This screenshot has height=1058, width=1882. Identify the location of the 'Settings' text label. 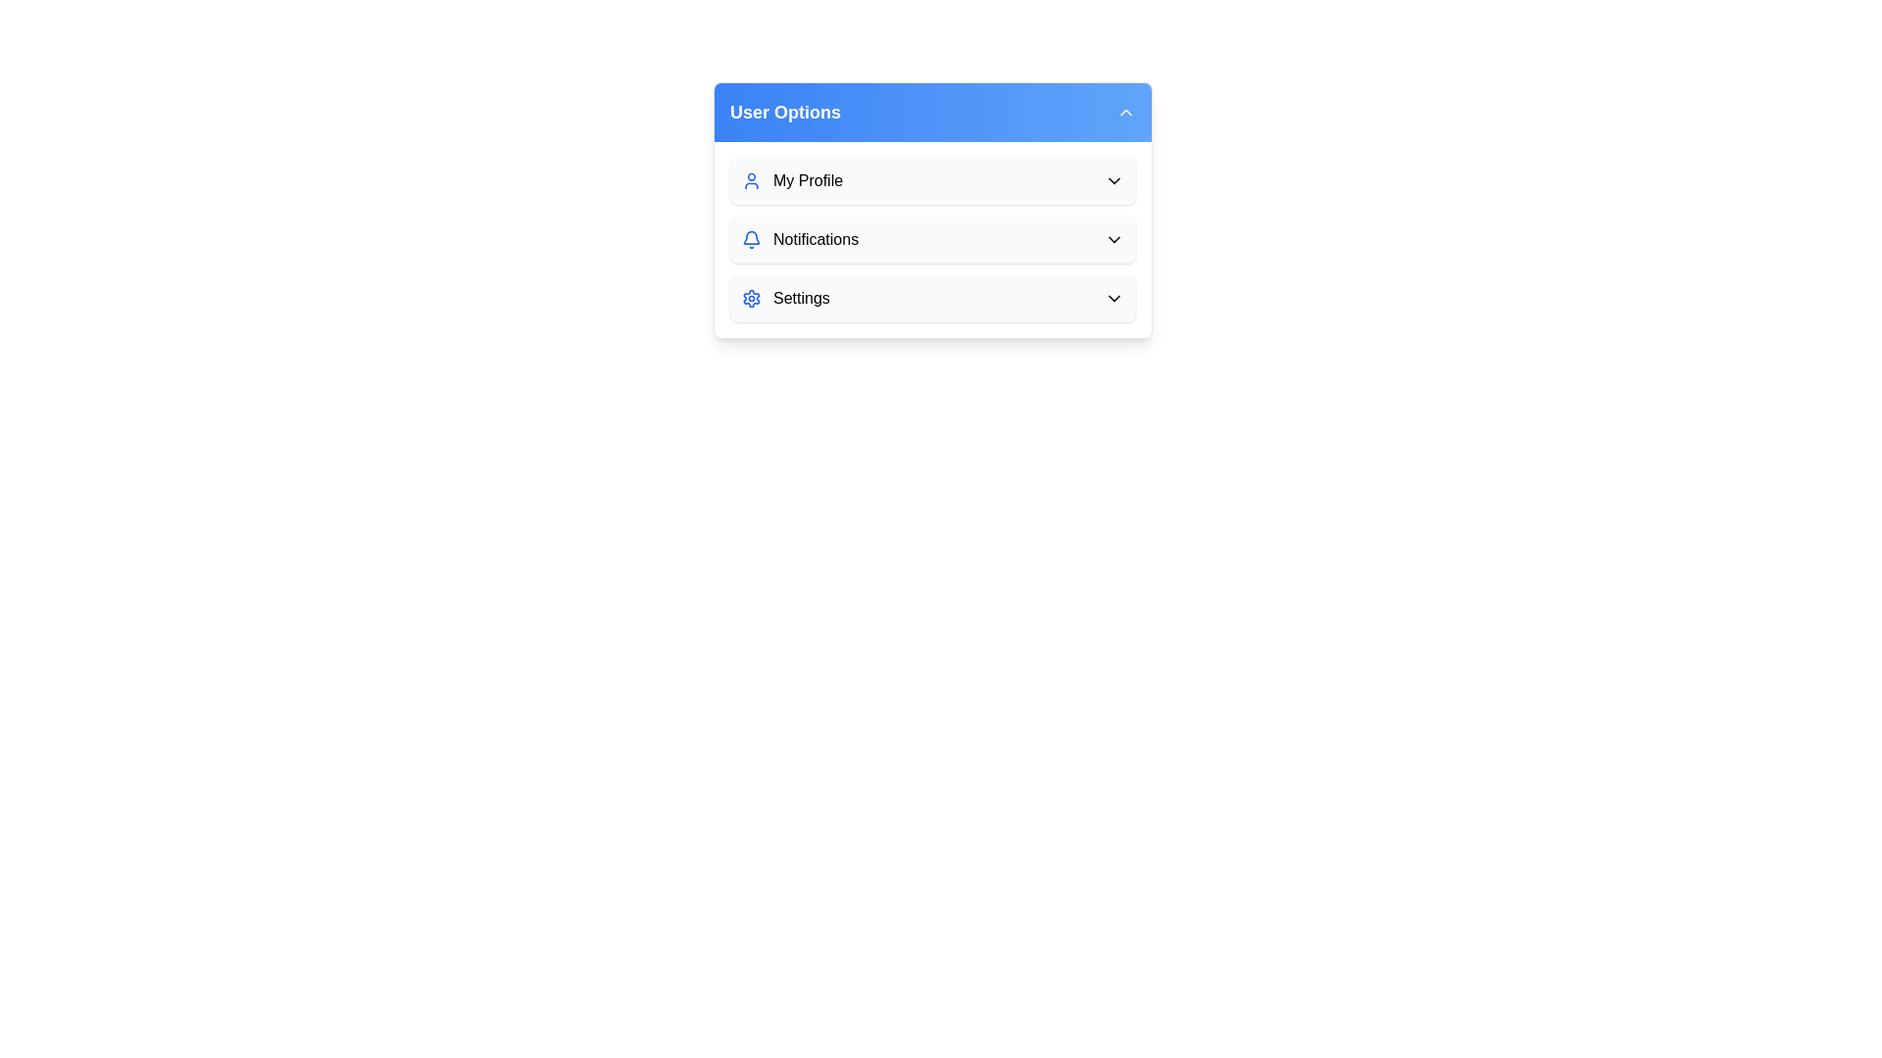
(801, 298).